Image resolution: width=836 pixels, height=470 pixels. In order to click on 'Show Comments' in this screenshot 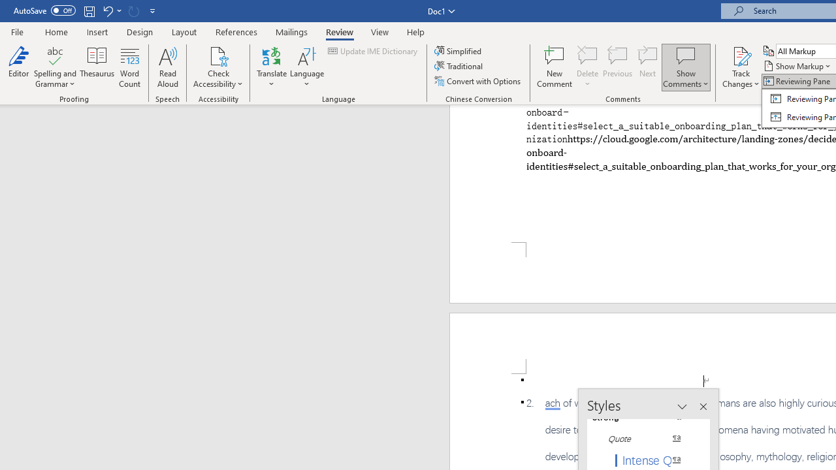, I will do `click(685, 67)`.